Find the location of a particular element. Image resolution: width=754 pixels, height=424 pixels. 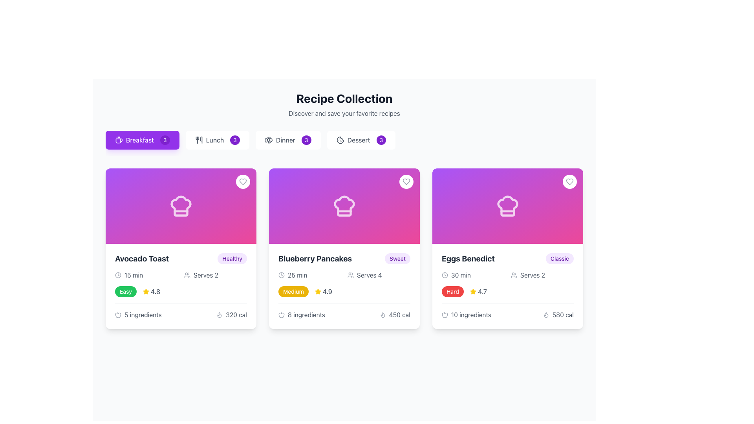

the Rating indicator for 'Avocado Toast', which is positioned in the first column of the recipe grid, near the top-right section of its card, adjacent to the 'Easy' label is located at coordinates (151, 292).